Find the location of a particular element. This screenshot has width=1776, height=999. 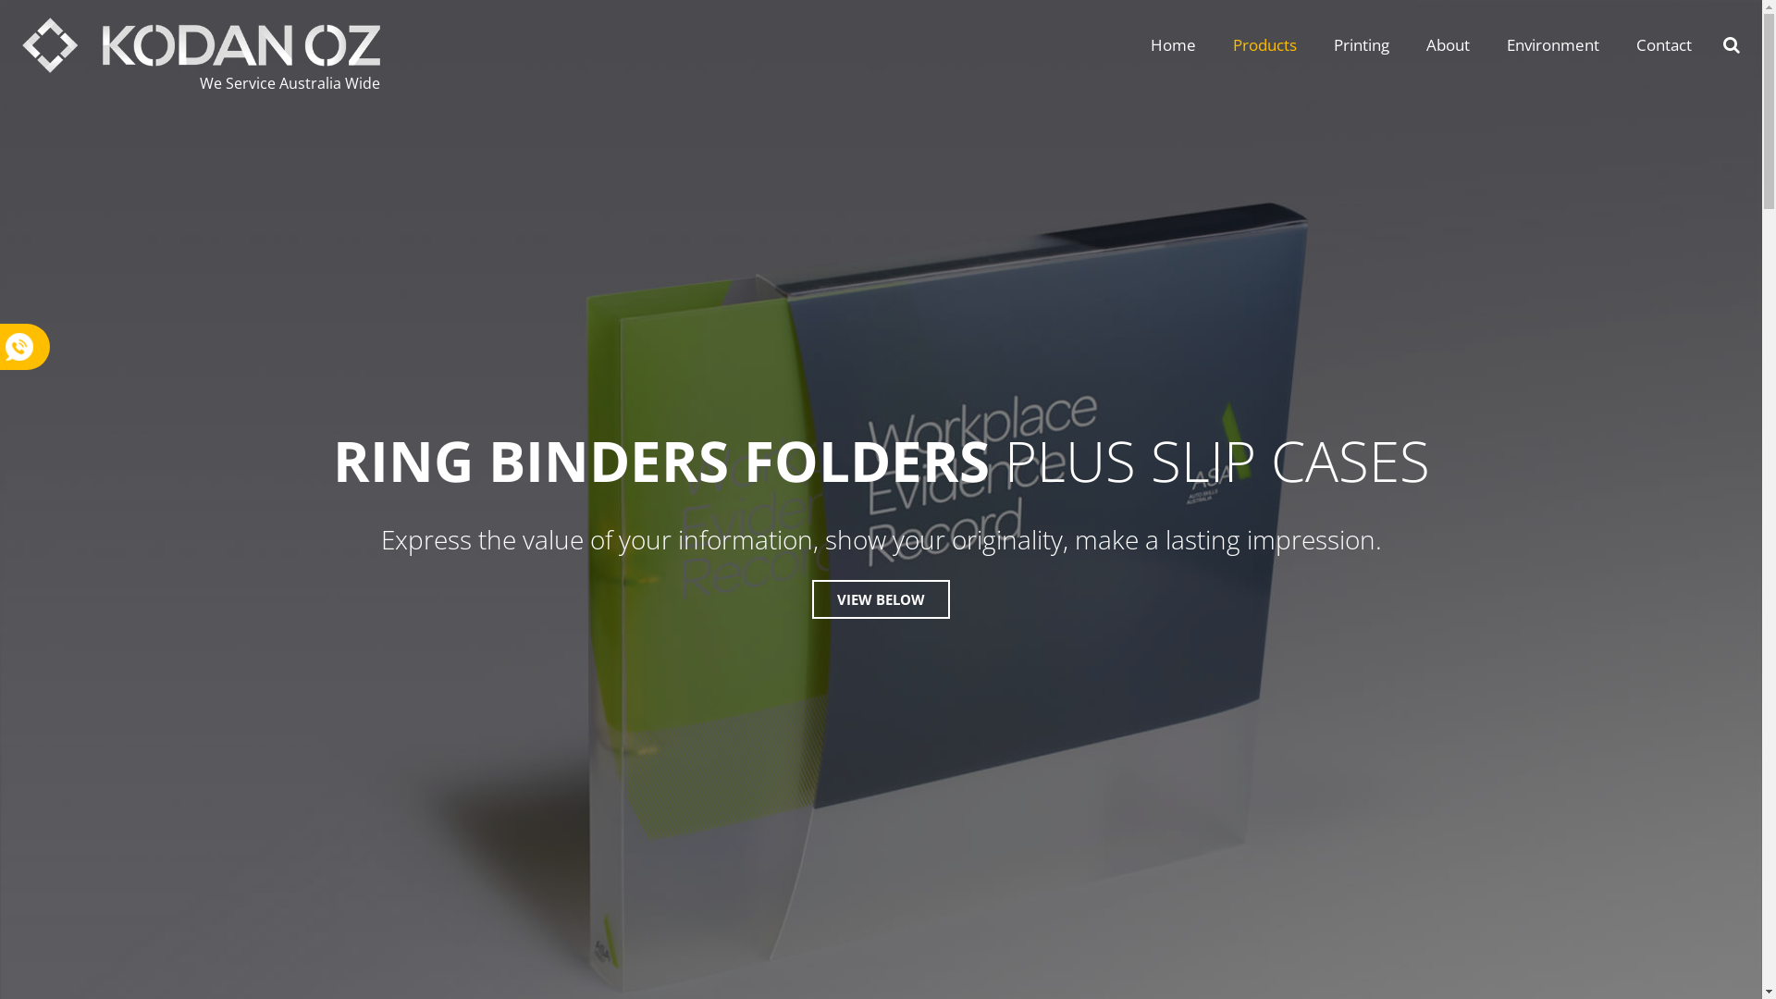

'VIEW BELOW' is located at coordinates (880, 599).